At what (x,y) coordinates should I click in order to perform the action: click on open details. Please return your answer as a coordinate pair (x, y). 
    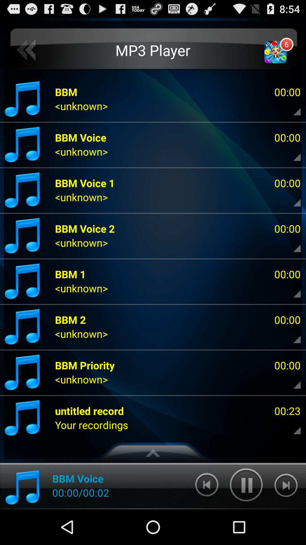
    Looking at the image, I should click on (292, 108).